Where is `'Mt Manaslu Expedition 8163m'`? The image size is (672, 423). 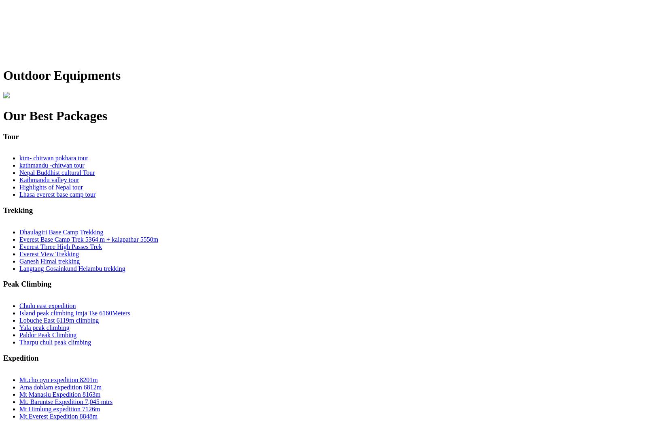 'Mt Manaslu Expedition 8163m' is located at coordinates (59, 393).